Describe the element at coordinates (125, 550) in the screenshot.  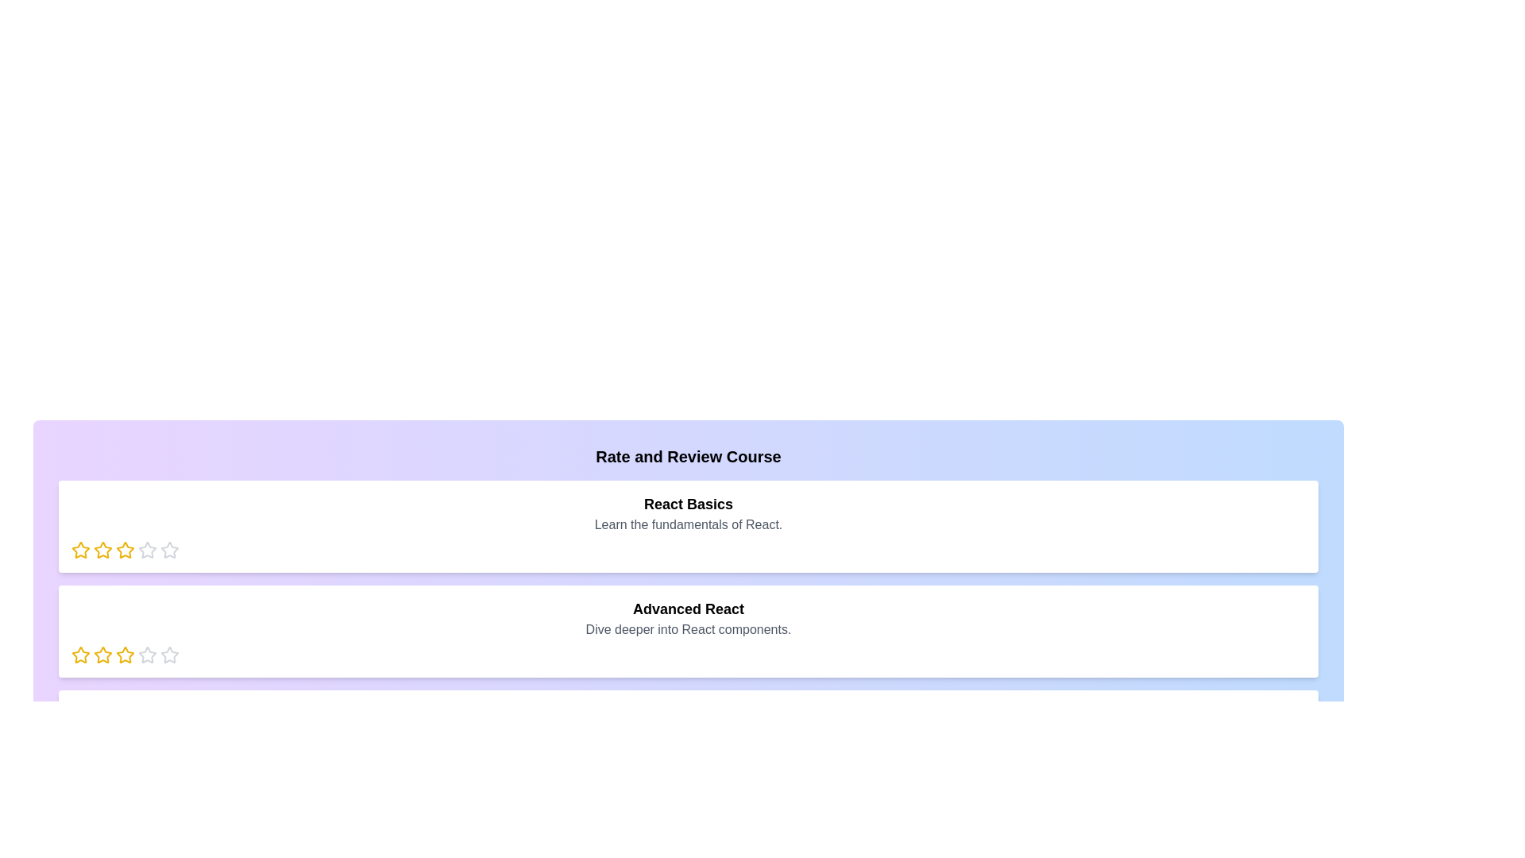
I see `the fourth star-shaped icon in the star-based rating system under the 'React Basics' section` at that location.